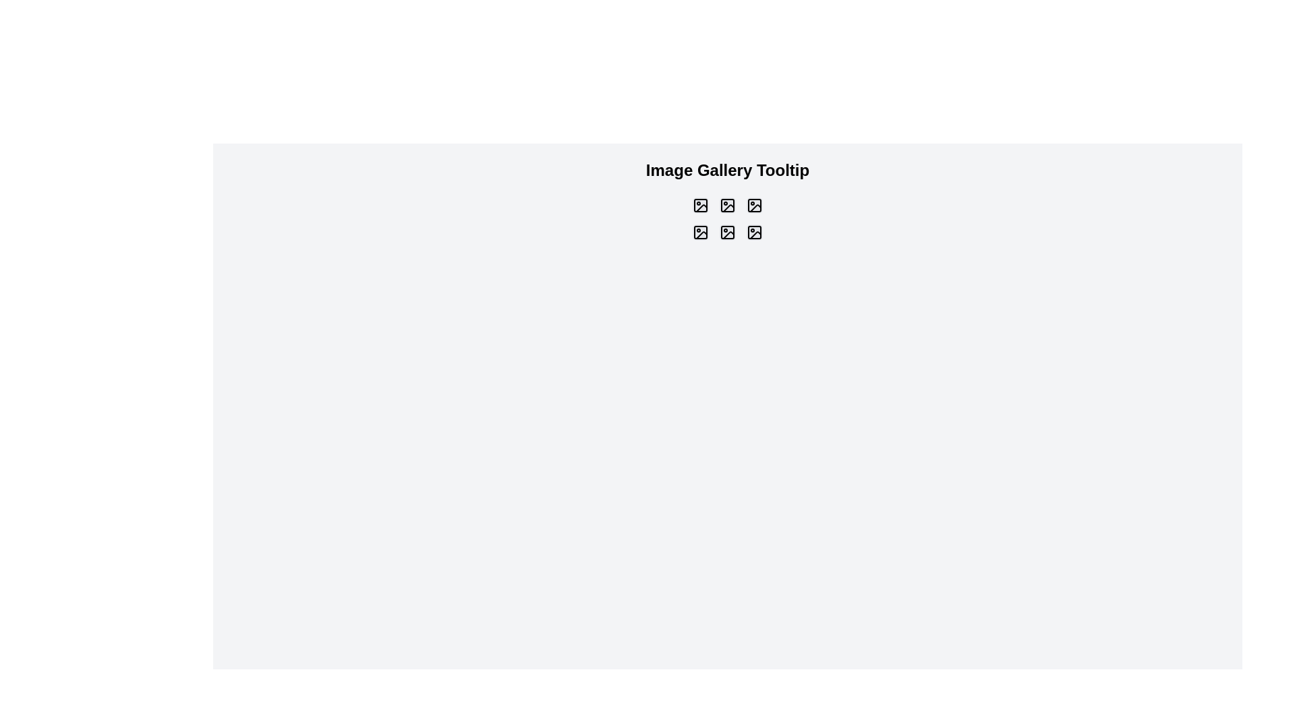 This screenshot has height=728, width=1295. Describe the element at coordinates (700, 205) in the screenshot. I see `the Image icon or placeholder located` at that location.